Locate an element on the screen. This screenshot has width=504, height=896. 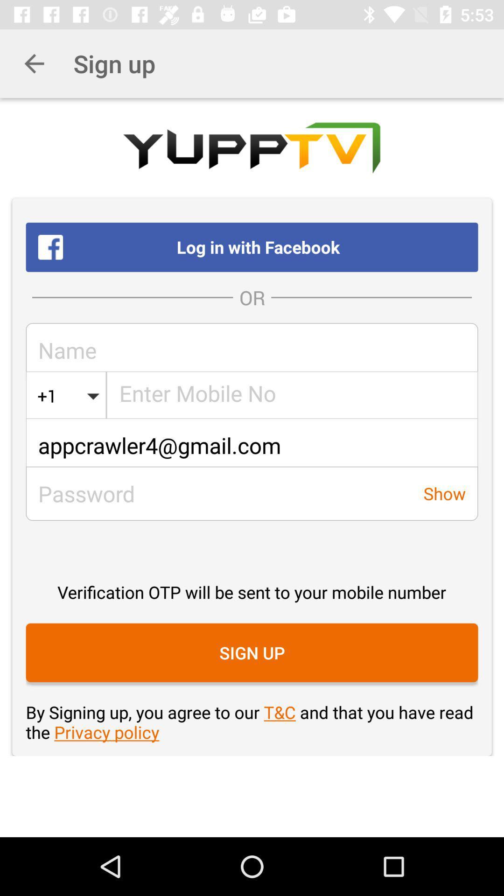
the log in with item is located at coordinates (252, 247).